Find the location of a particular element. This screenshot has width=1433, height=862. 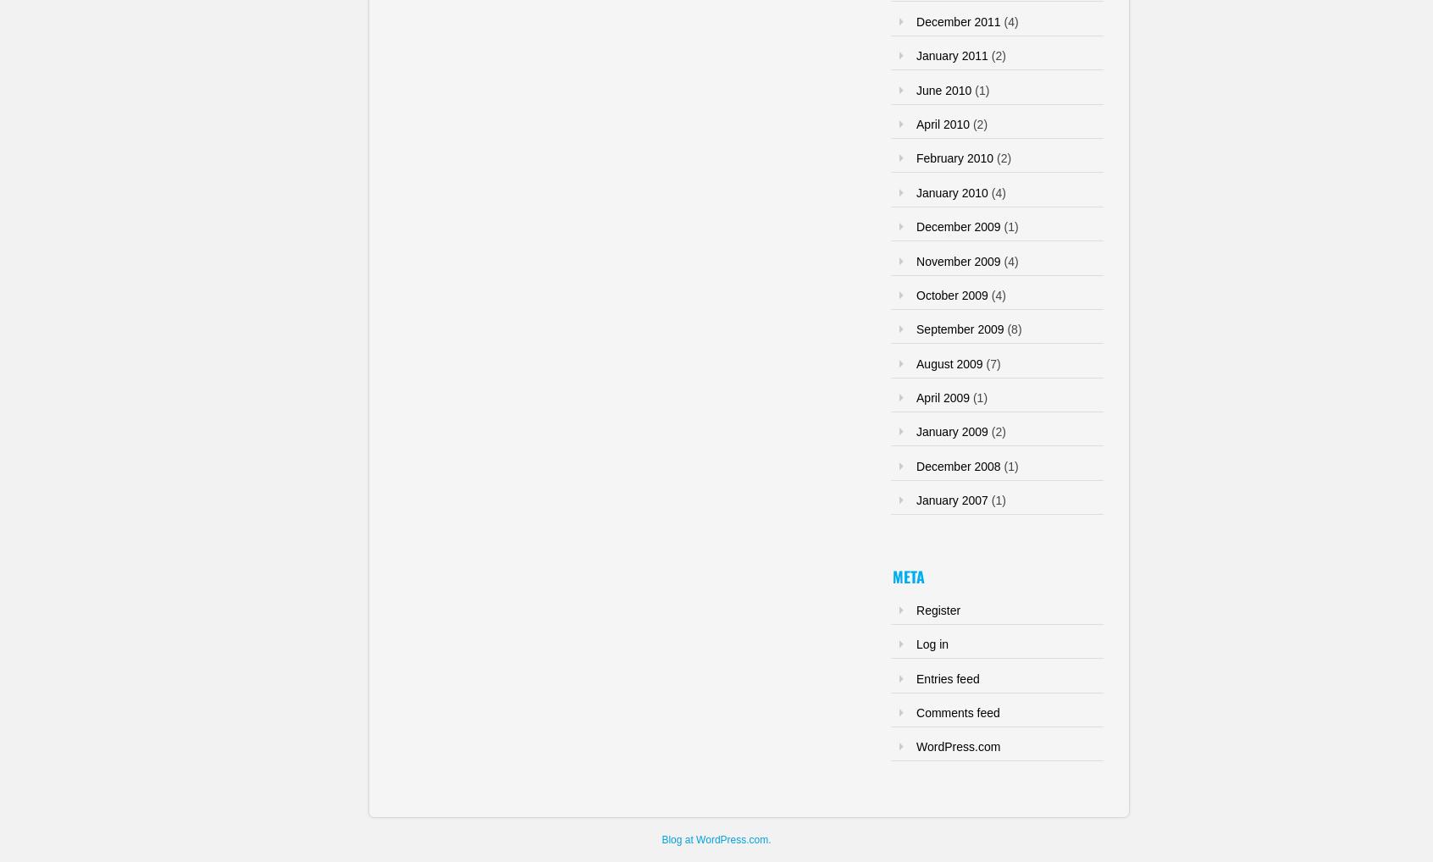

'Entries feed' is located at coordinates (947, 677).